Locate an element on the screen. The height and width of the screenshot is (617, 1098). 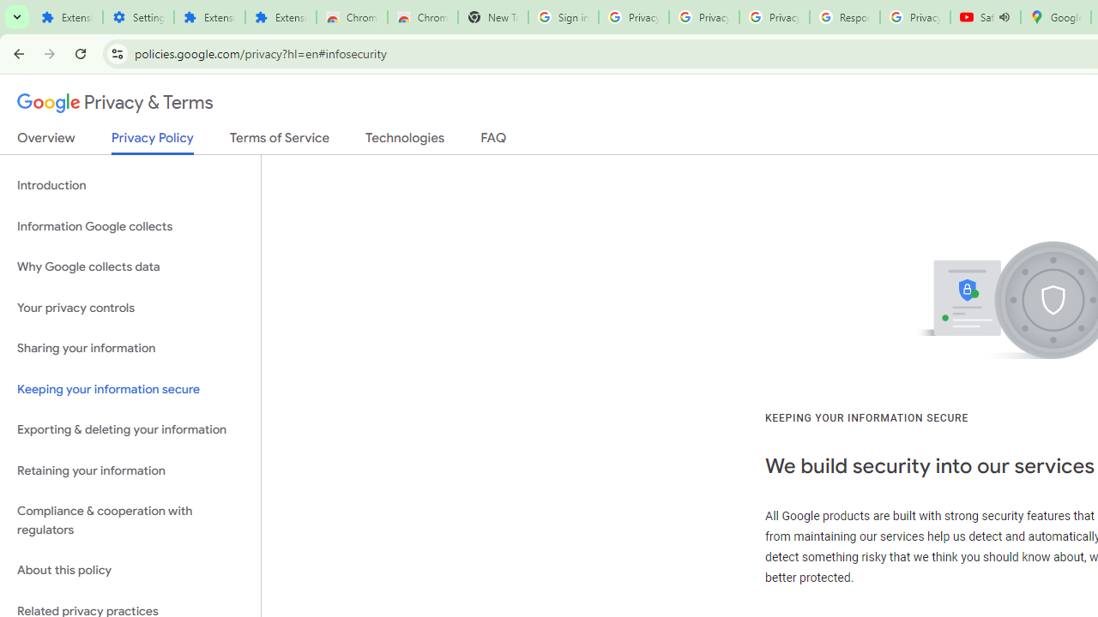
'Technologies' is located at coordinates (404, 141).